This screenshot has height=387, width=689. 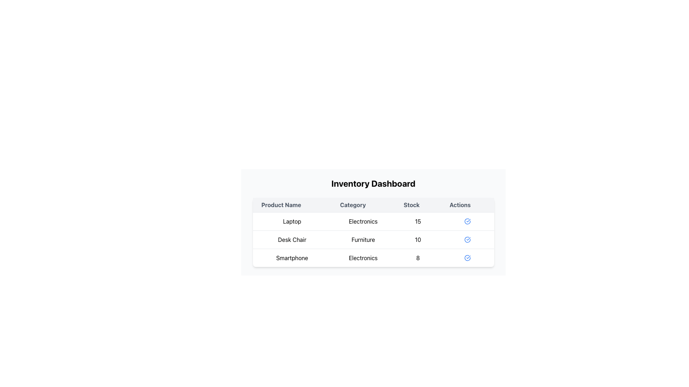 What do you see at coordinates (373, 257) in the screenshot?
I see `text content of the third row in the table under the 'Inventory Dashboard' header, which contains 'Smartphone', 'Electronics', and the number '8'` at bounding box center [373, 257].